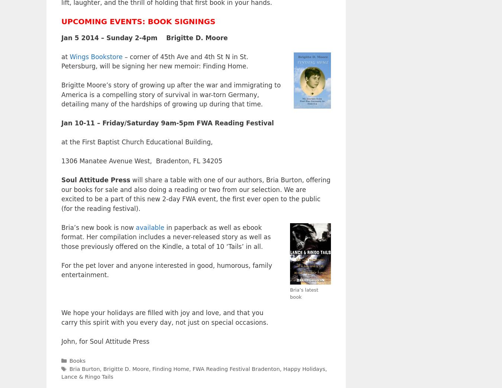  I want to click on 'We hope your holidays are filled with joy and love, and that you carry this spirit with you every day, not just on special occasions.', so click(61, 317).